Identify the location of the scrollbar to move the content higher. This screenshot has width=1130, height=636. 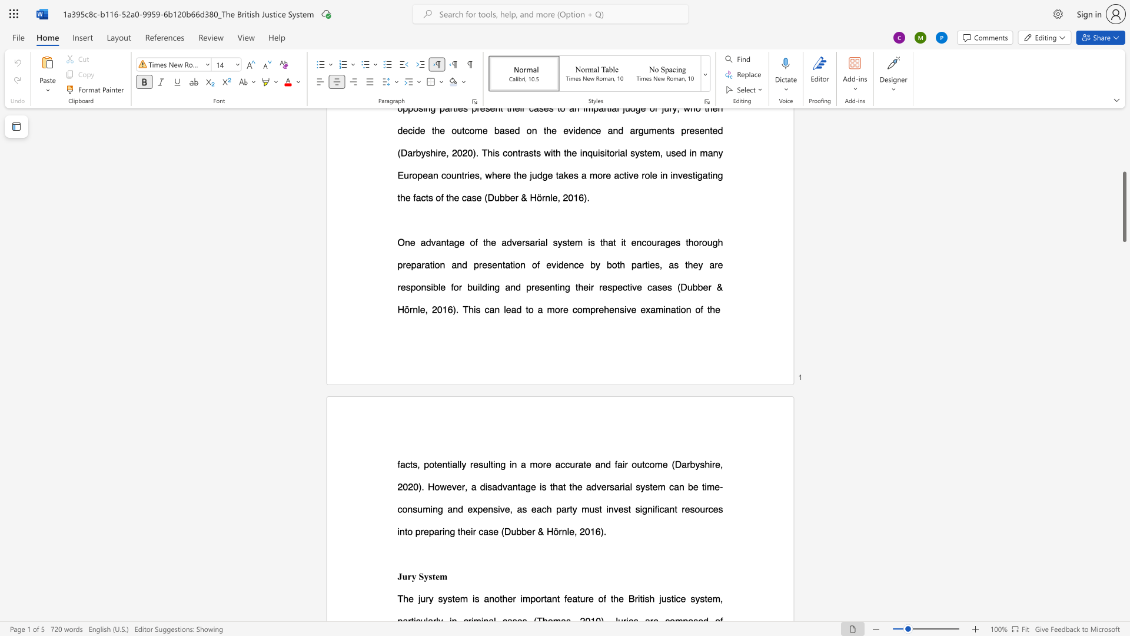
(1124, 194).